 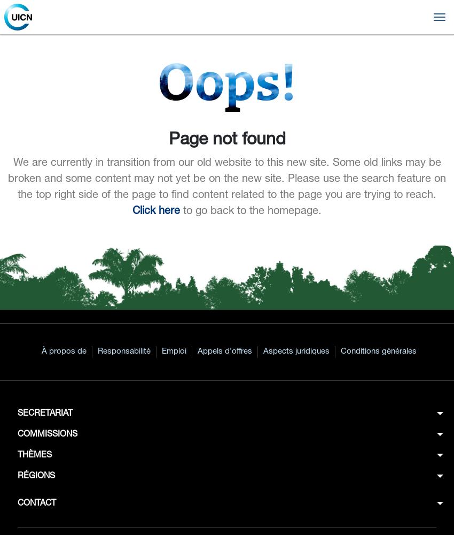 What do you see at coordinates (377, 351) in the screenshot?
I see `'Conditions générales'` at bounding box center [377, 351].